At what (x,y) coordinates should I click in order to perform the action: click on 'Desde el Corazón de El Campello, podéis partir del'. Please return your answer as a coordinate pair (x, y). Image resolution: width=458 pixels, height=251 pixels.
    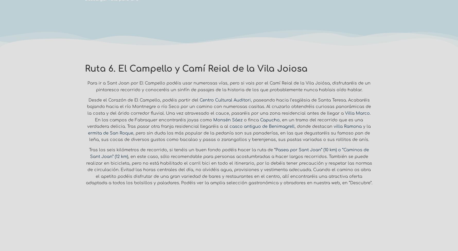
    Looking at the image, I should click on (88, 100).